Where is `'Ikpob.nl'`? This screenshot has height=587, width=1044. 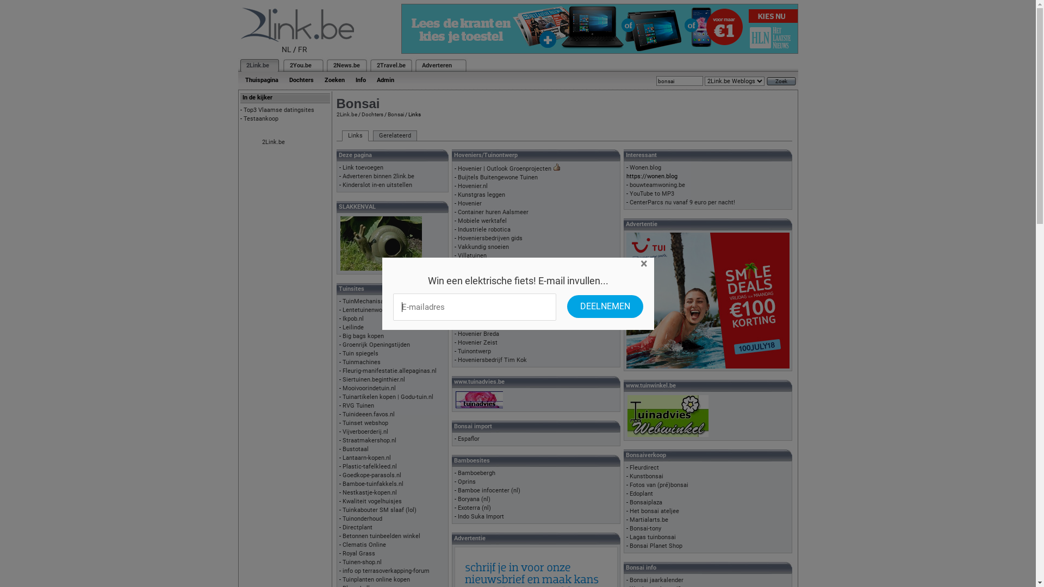 'Ikpob.nl' is located at coordinates (353, 318).